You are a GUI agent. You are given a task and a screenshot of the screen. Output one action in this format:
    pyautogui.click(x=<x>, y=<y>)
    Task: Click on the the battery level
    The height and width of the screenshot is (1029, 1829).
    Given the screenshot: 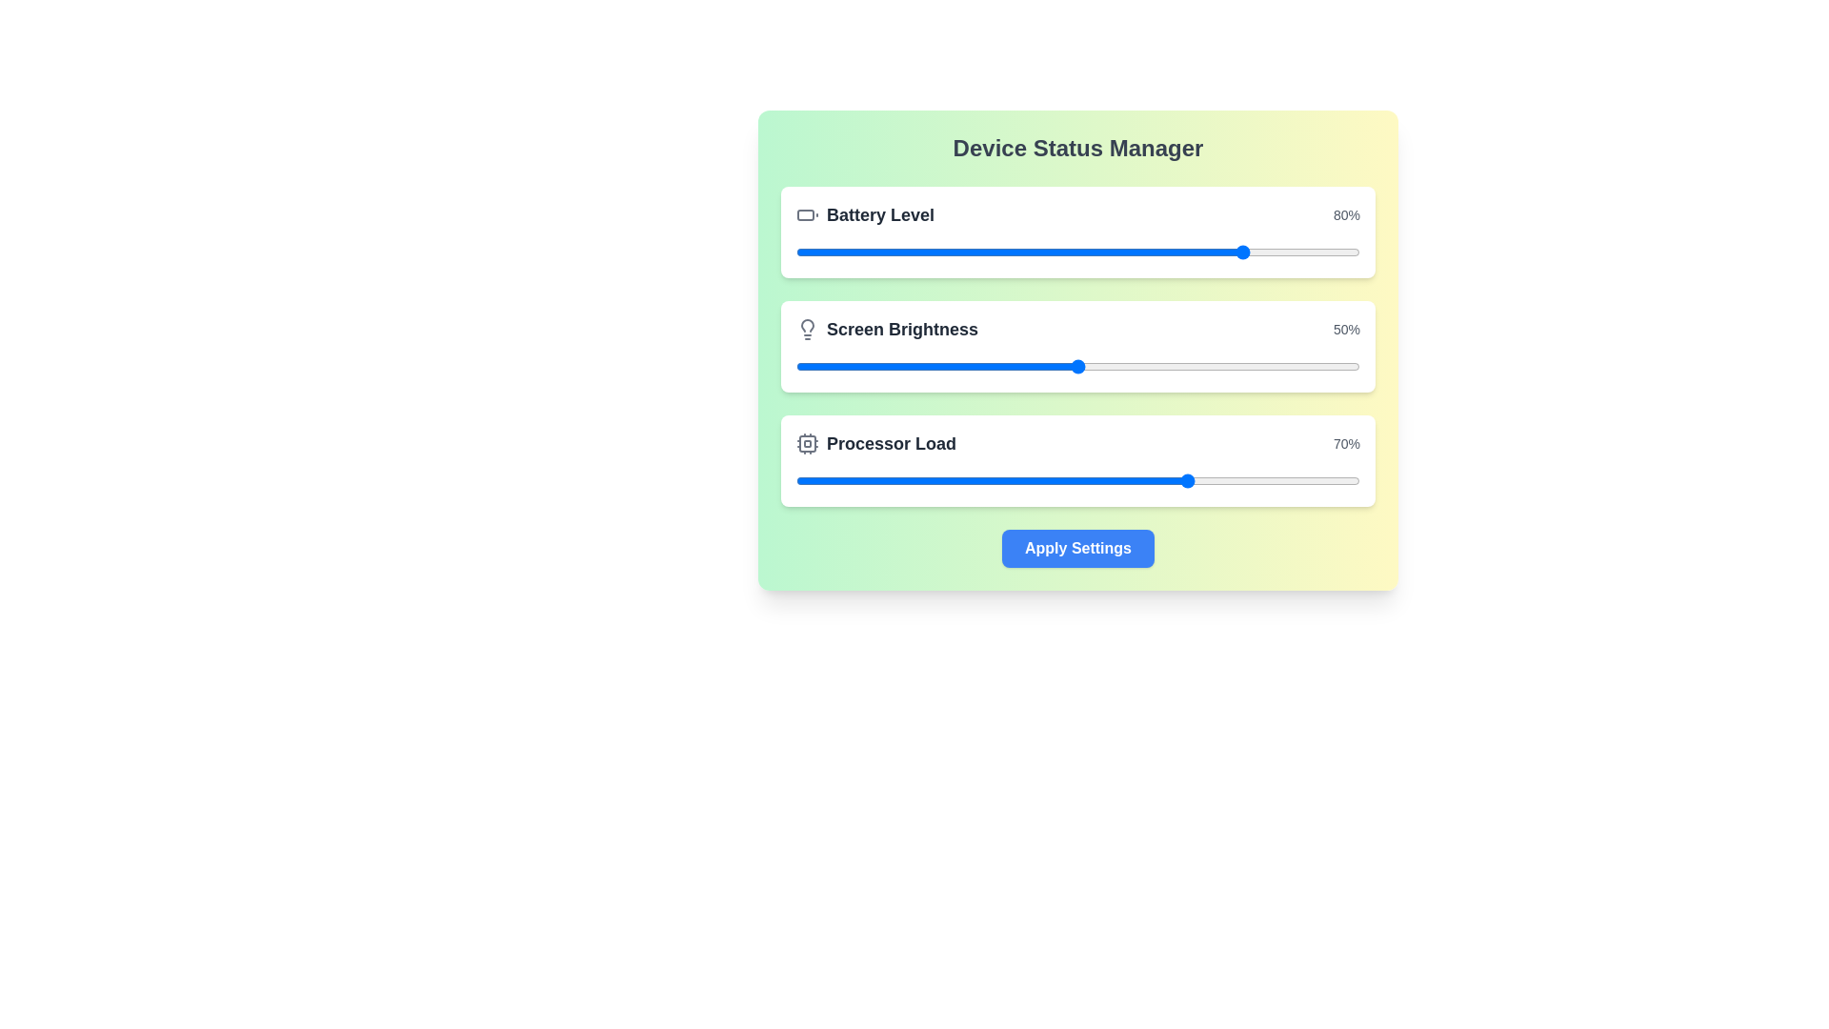 What is the action you would take?
    pyautogui.click(x=1060, y=252)
    